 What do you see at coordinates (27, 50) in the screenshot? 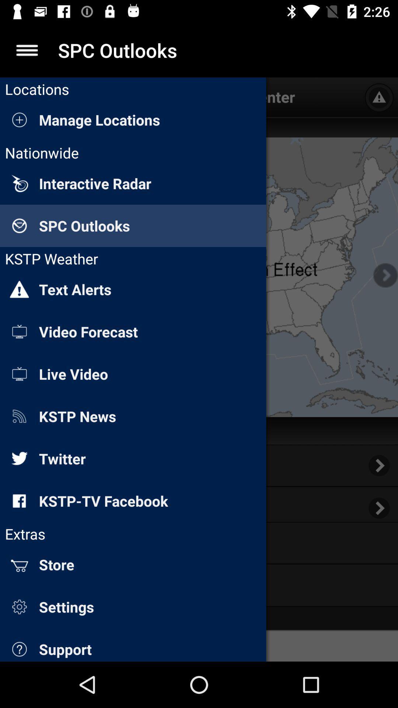
I see `main menu button` at bounding box center [27, 50].